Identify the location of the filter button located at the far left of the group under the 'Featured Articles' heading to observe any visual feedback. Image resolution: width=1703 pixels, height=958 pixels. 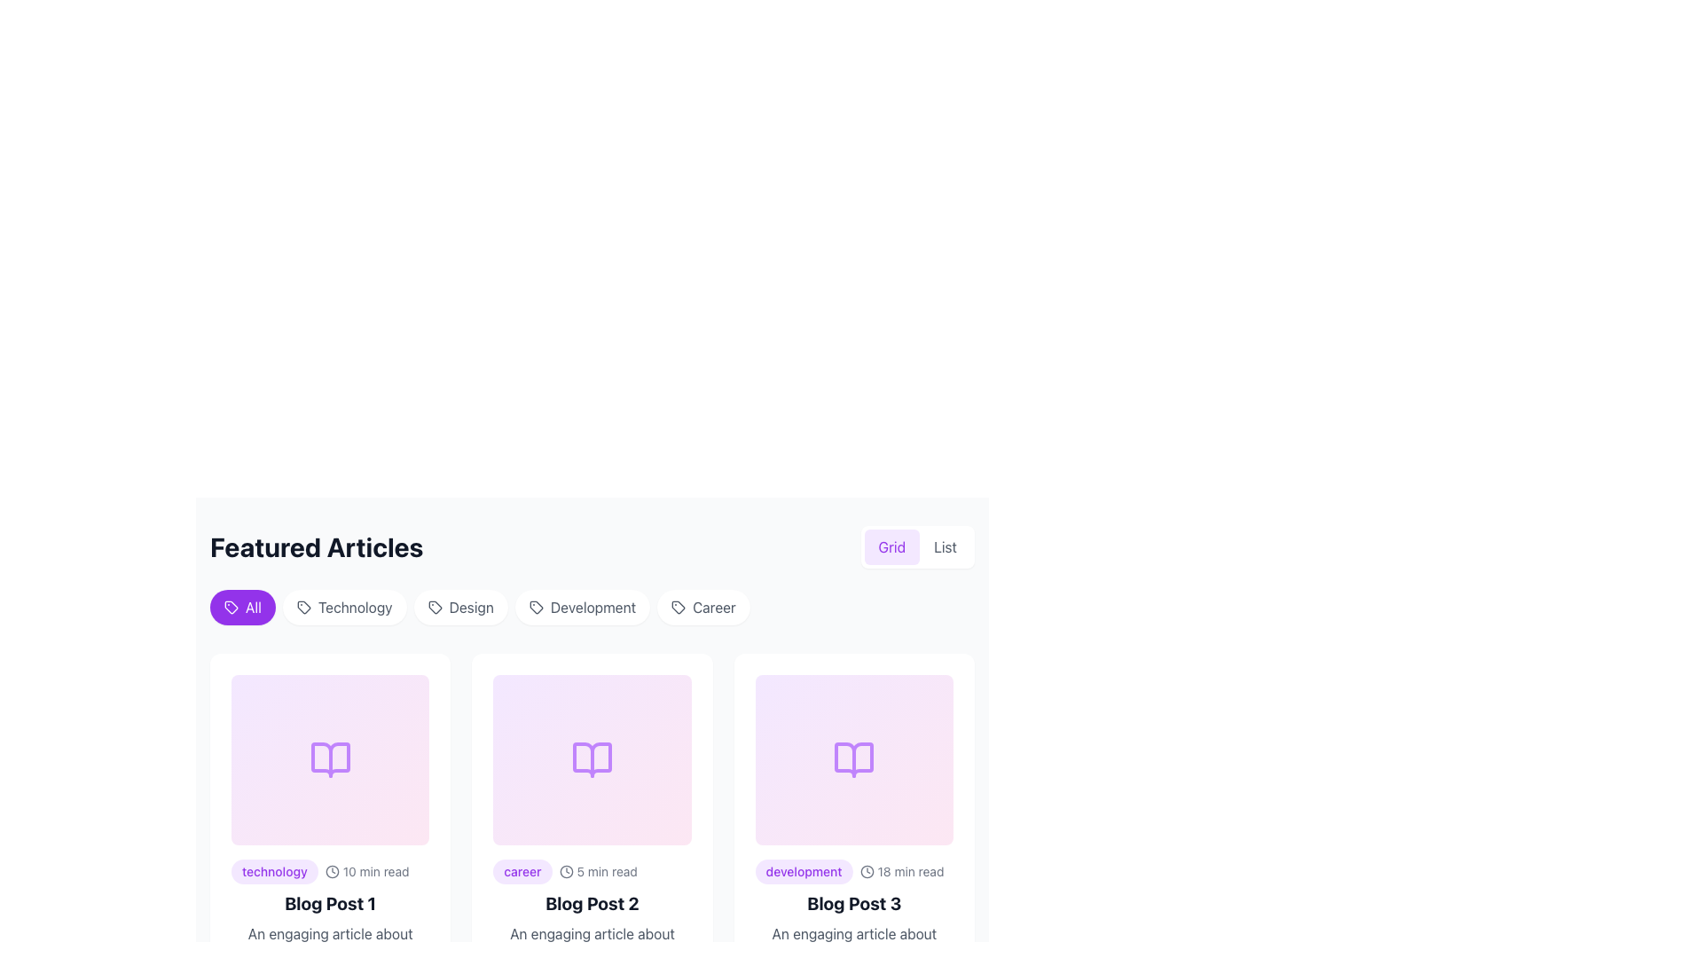
(241, 607).